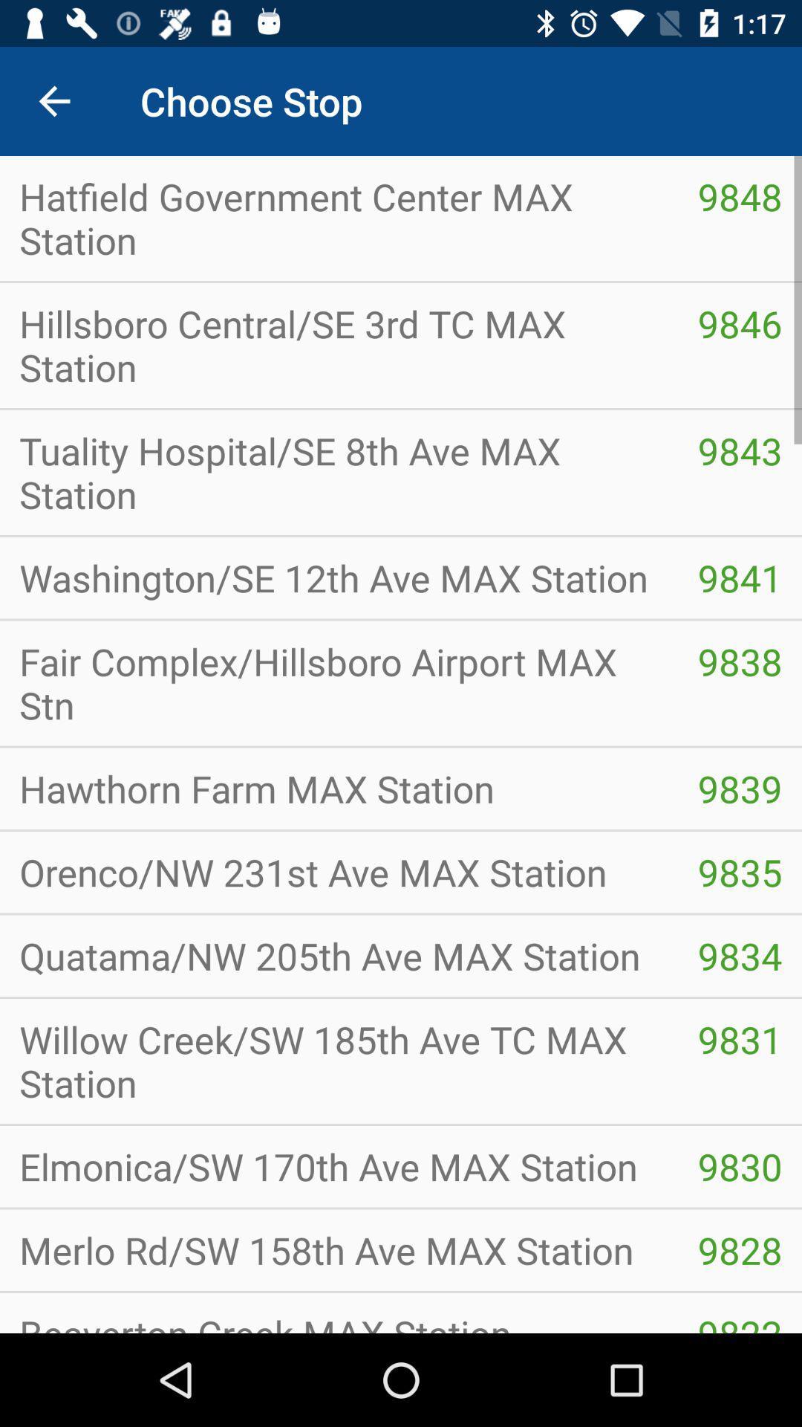 Image resolution: width=802 pixels, height=1427 pixels. Describe the element at coordinates (740, 1038) in the screenshot. I see `the icon above elmonica sw 170th` at that location.